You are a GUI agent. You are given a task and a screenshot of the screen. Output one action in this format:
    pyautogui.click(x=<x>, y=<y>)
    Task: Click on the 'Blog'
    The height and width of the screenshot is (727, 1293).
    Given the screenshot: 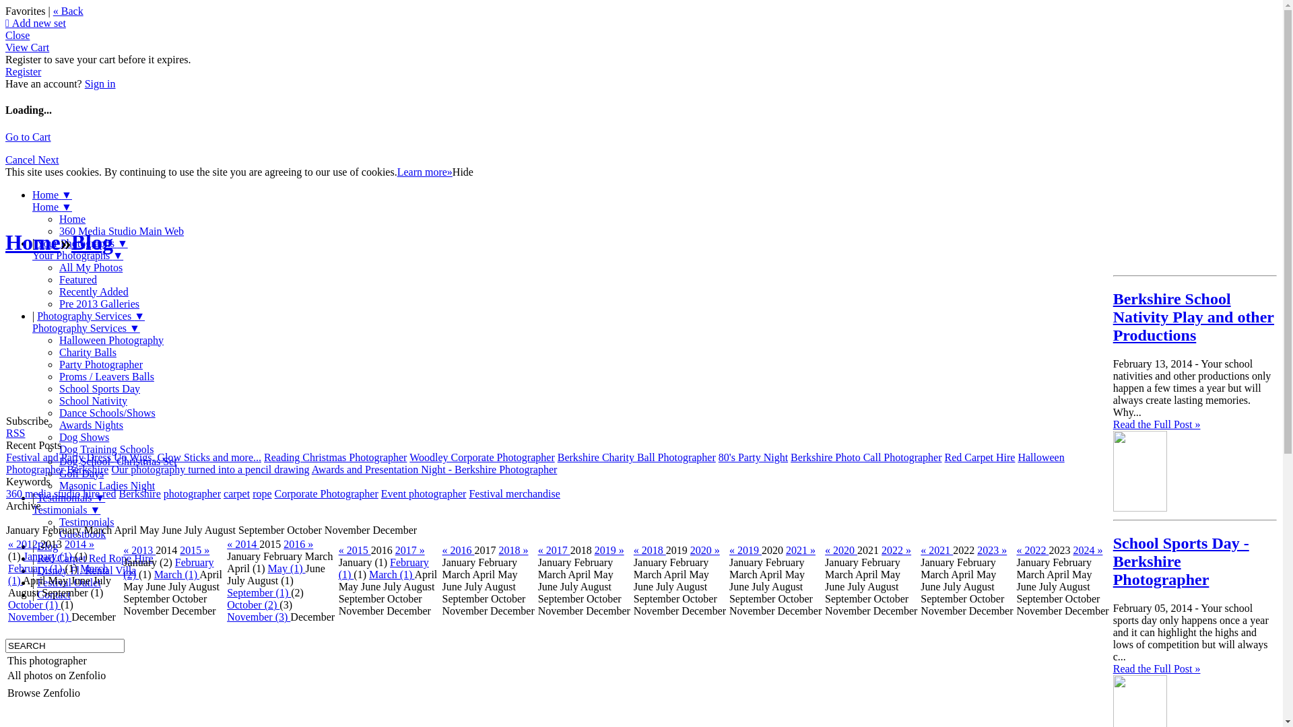 What is the action you would take?
    pyautogui.click(x=92, y=241)
    